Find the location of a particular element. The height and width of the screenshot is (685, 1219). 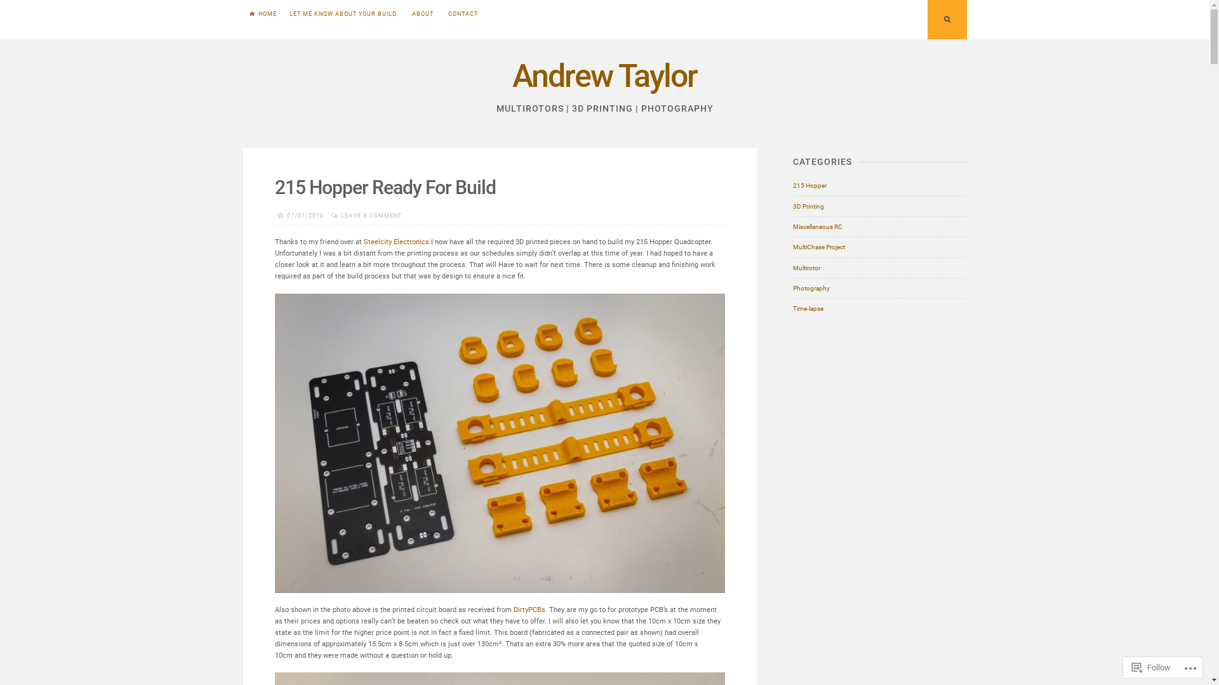

'215 Hopper' is located at coordinates (792, 186).